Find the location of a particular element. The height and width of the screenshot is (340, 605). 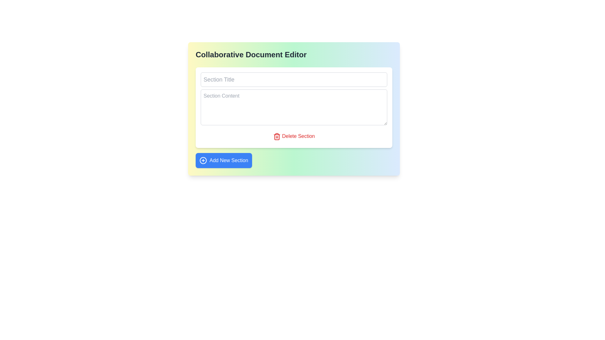

the red-colored button labeled 'Delete Section' with a trashcan icon to trigger the color change effect is located at coordinates (293, 136).